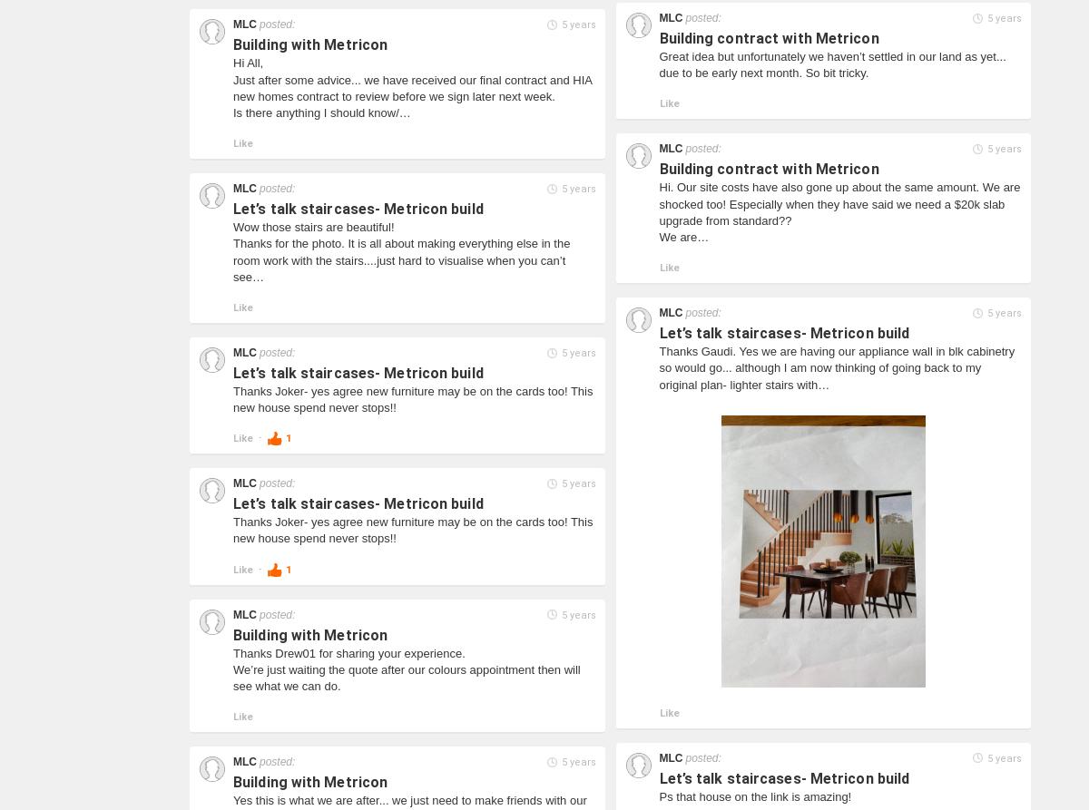  What do you see at coordinates (401, 259) in the screenshot?
I see `'Thanks for the photo. It is all about making everything else in the room work with the stairs....just hard to visualise when you can’t see…'` at bounding box center [401, 259].